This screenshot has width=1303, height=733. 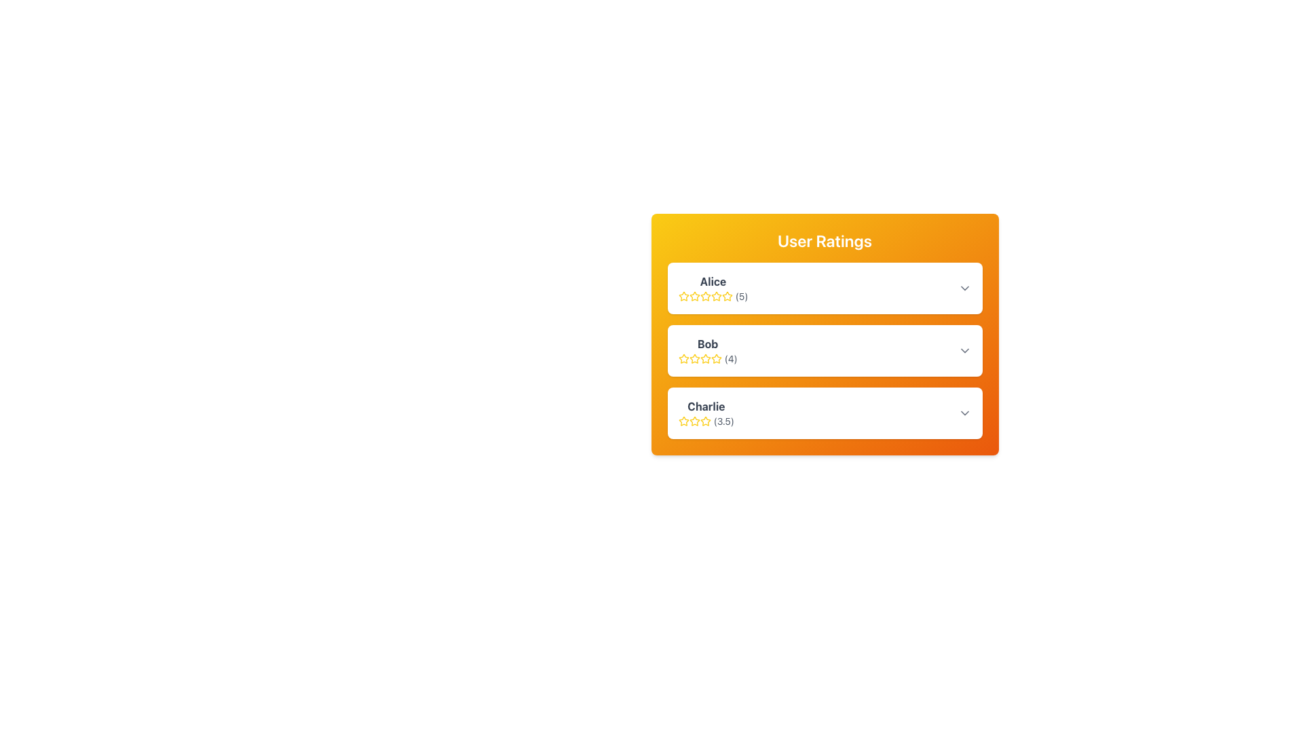 What do you see at coordinates (705, 420) in the screenshot?
I see `the first star icon in the third row of the ratings section, located under the label 'Charlie (3.5)', which is a yellow star-shaped icon used for rating` at bounding box center [705, 420].